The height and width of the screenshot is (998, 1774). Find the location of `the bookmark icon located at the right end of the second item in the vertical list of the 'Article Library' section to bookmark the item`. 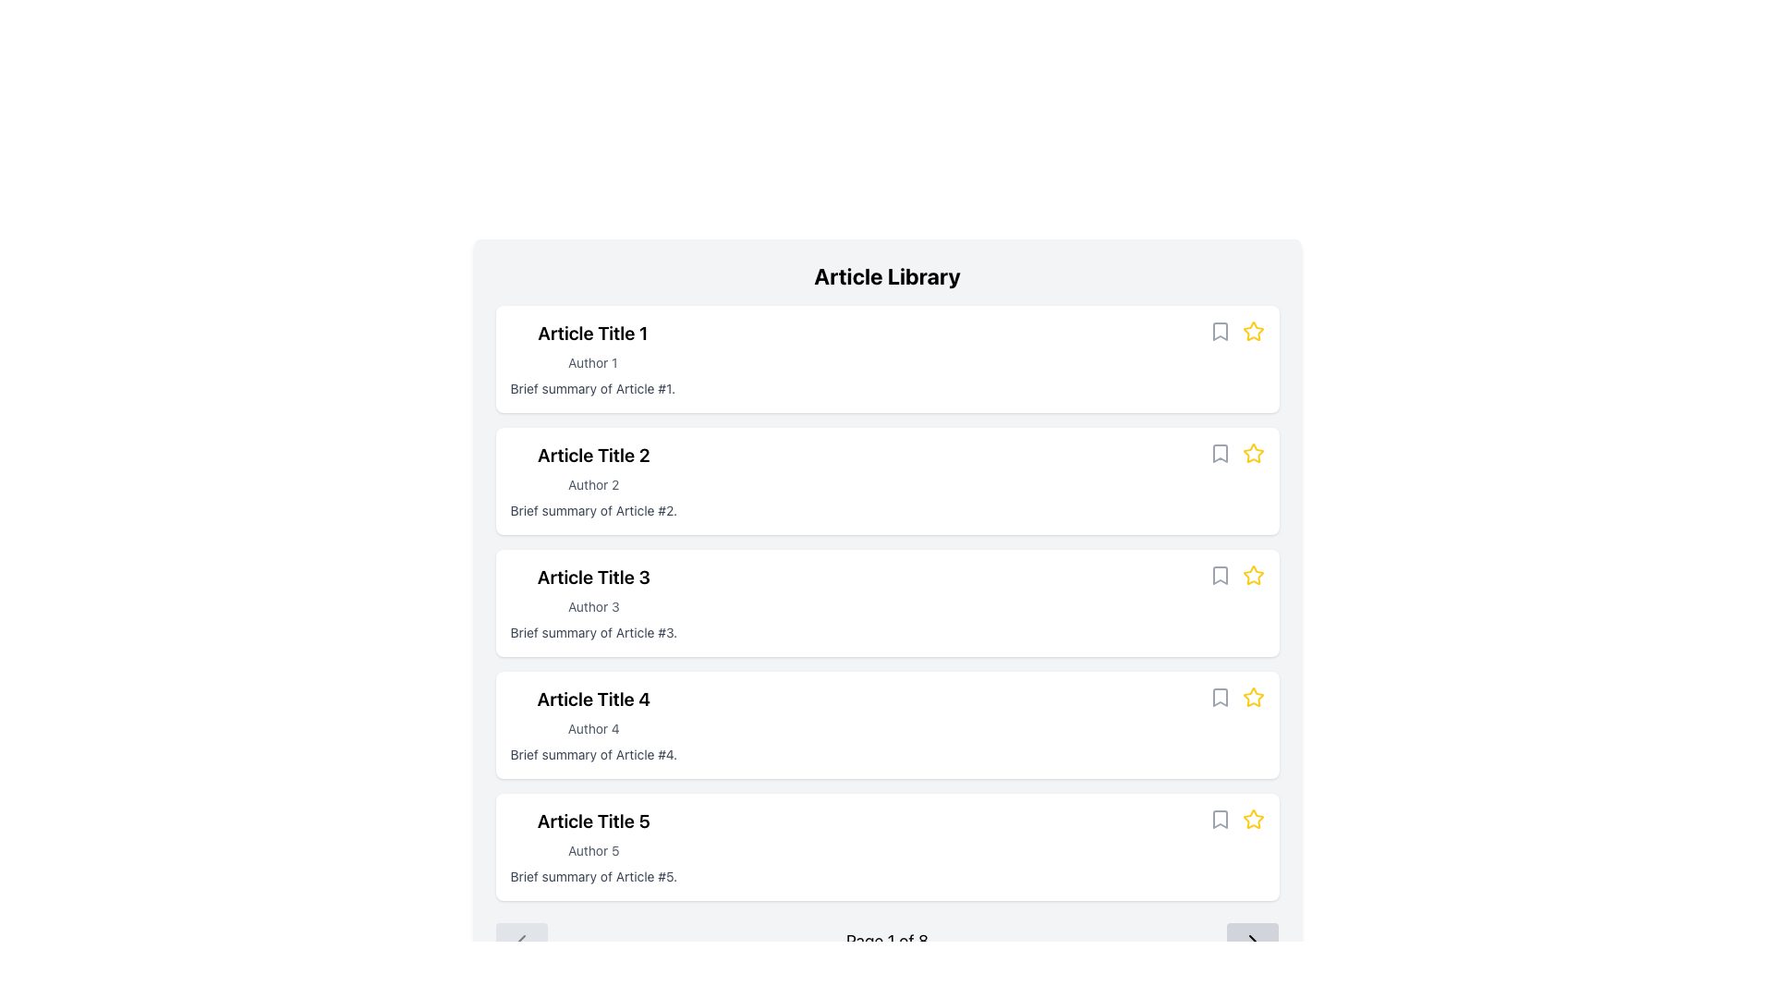

the bookmark icon located at the right end of the second item in the vertical list of the 'Article Library' section to bookmark the item is located at coordinates (1220, 453).